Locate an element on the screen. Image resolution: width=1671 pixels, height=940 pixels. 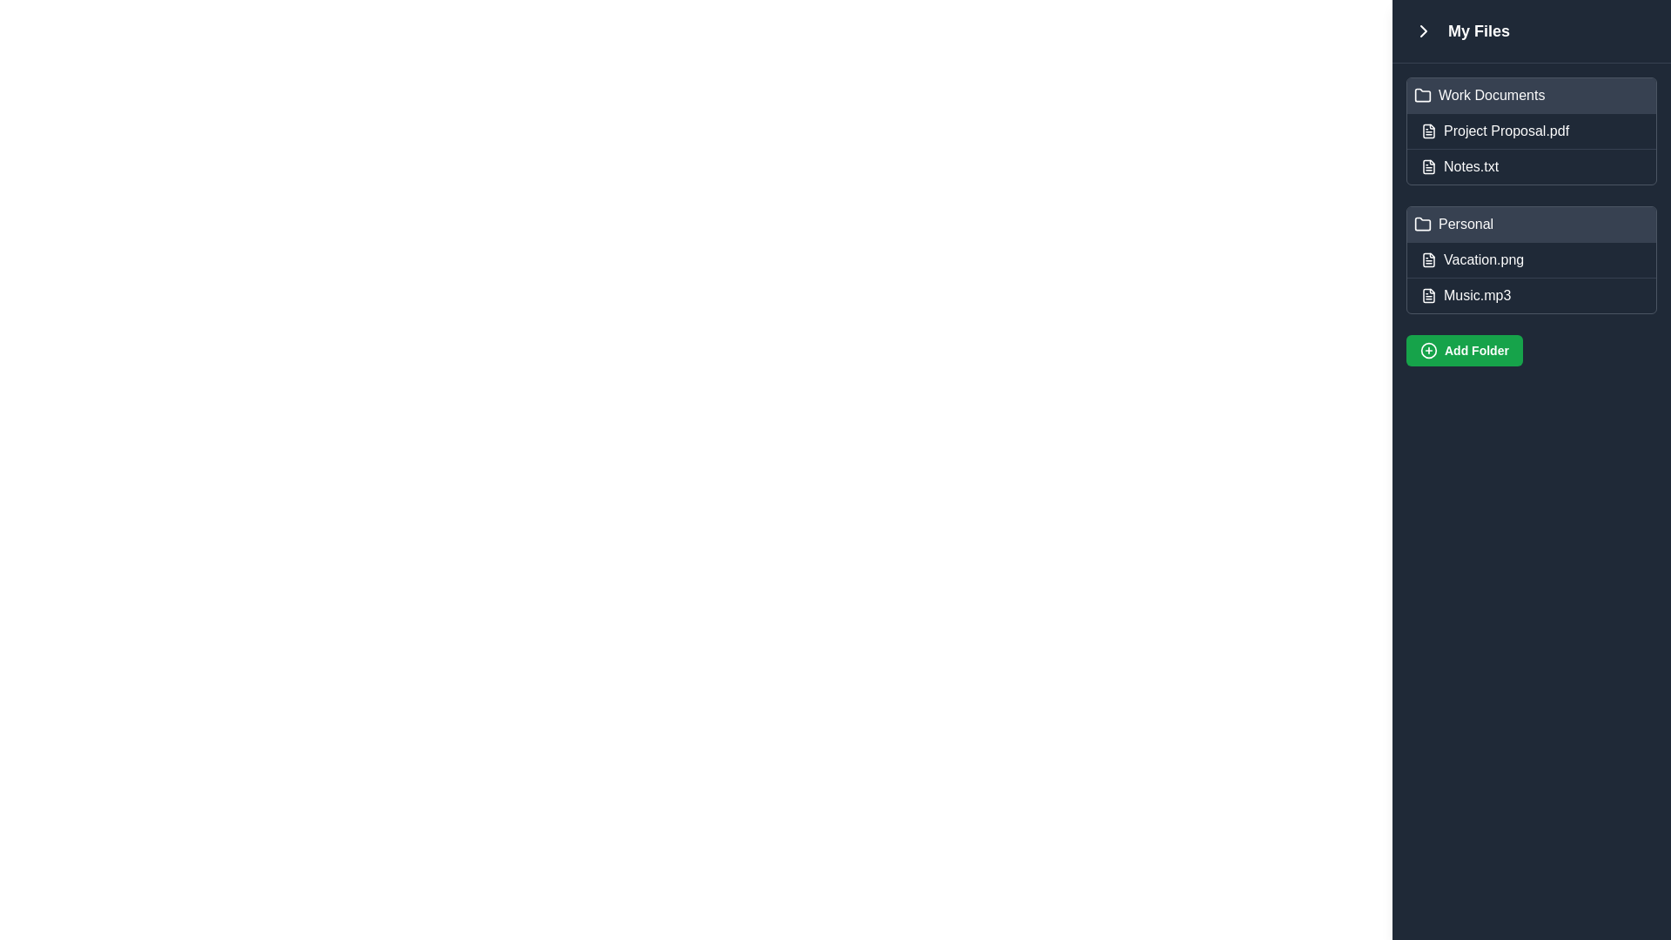
the document file icon with a dark background and white outlines, located to the left of 'Project Proposal.pdf' in the 'Work Documents' group is located at coordinates (1428, 130).